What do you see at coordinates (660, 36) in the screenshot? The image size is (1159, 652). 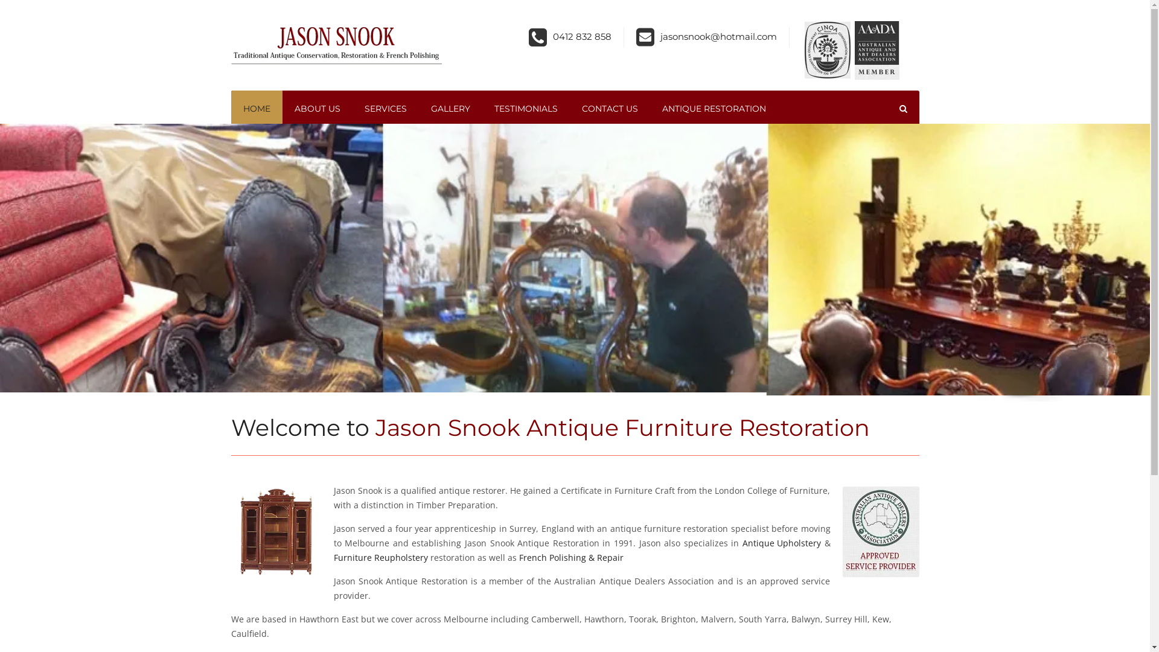 I see `'jasonsnook@hotmail.com'` at bounding box center [660, 36].